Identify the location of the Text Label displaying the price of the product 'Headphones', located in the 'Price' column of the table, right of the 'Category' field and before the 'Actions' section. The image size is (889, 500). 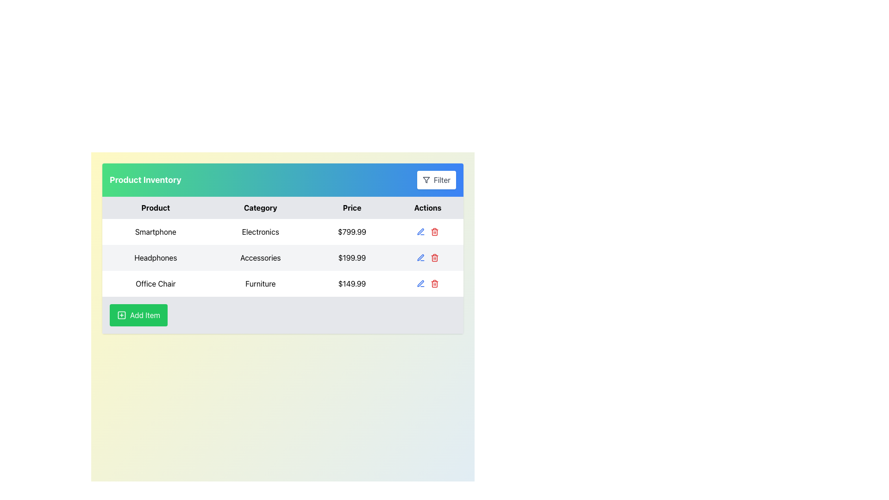
(351, 257).